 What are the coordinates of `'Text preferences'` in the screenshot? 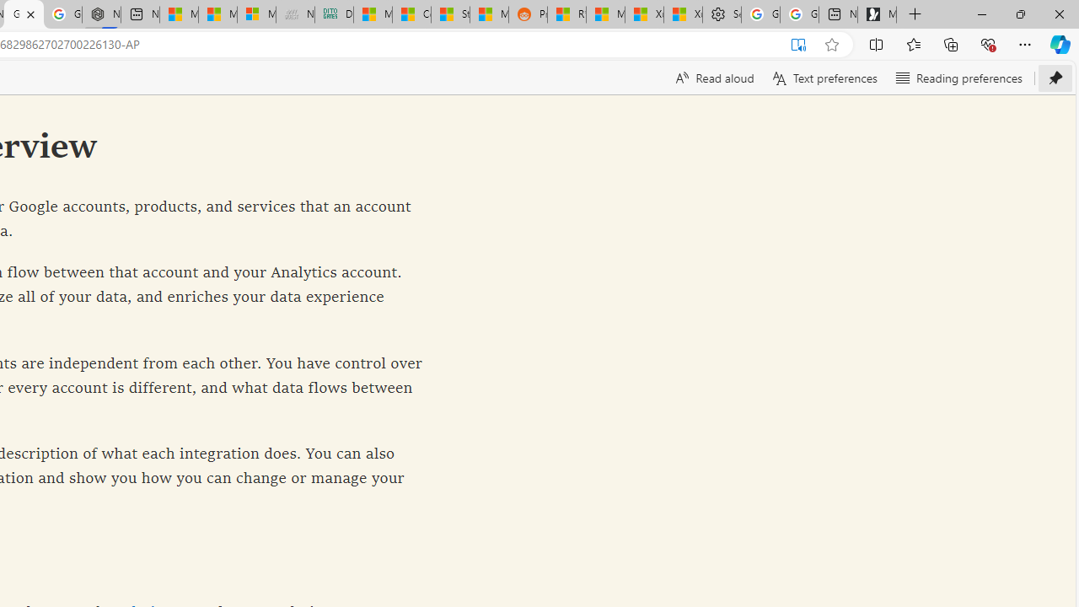 It's located at (824, 78).